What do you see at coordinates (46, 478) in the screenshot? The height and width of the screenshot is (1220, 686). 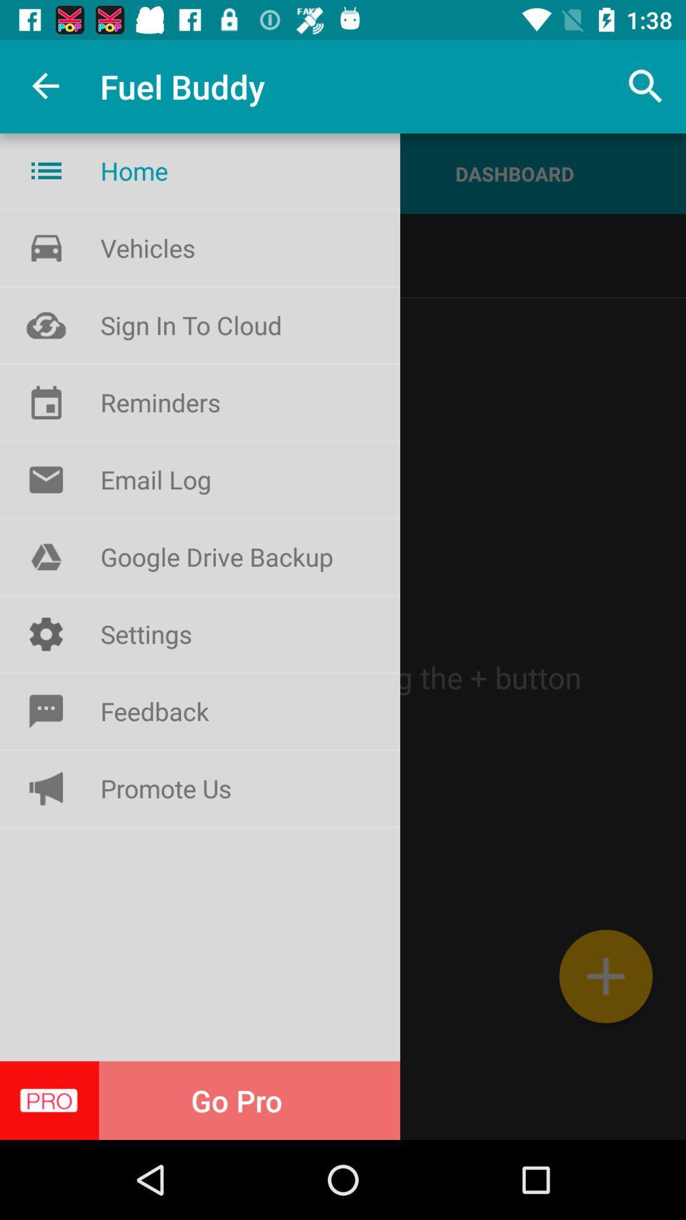 I see `the button which is beside the go pro` at bounding box center [46, 478].